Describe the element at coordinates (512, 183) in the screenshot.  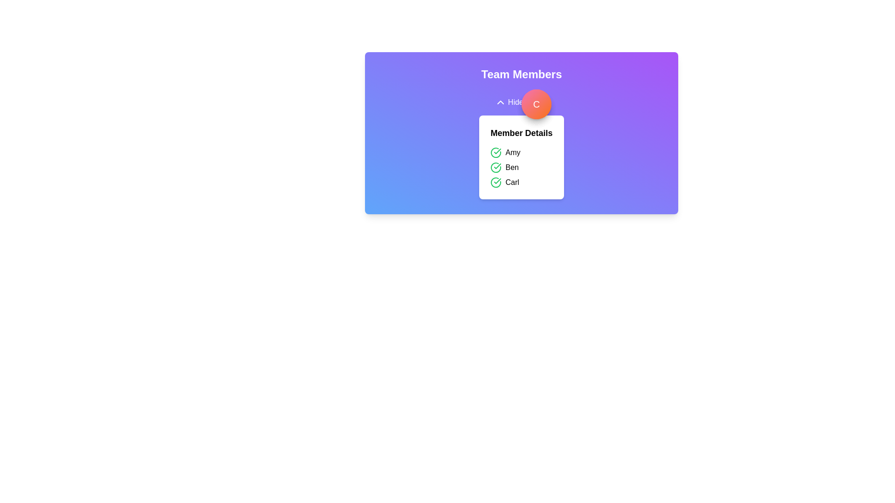
I see `the text label displaying the name 'Carl' in the 'Member Details' section, which is the third item in the list` at that location.